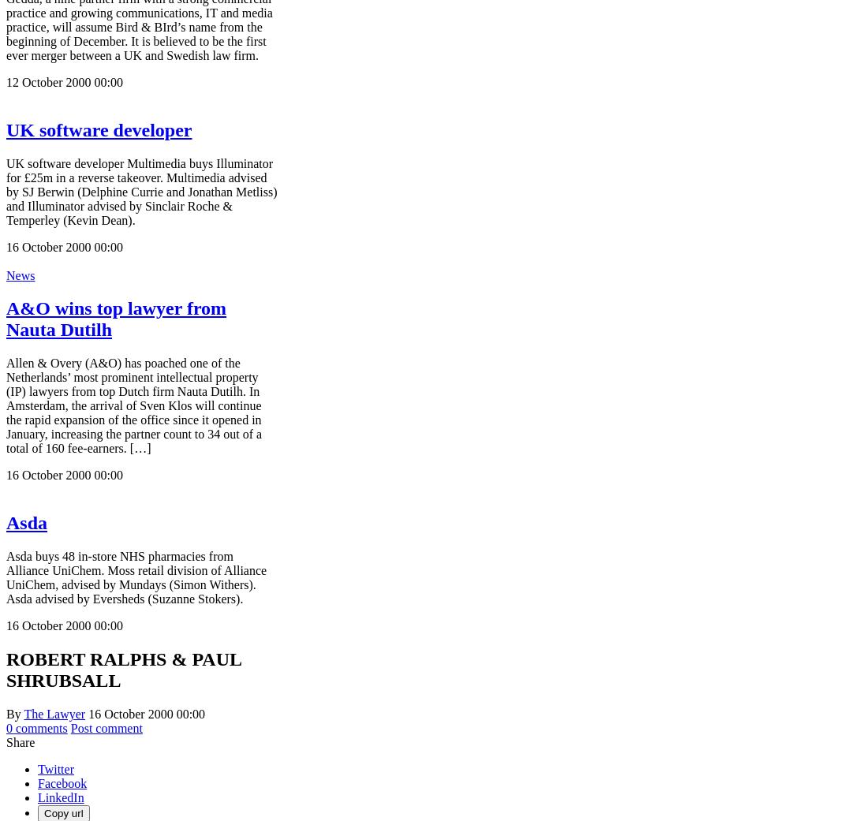 The width and height of the screenshot is (859, 821). What do you see at coordinates (36, 727) in the screenshot?
I see `'0 comments'` at bounding box center [36, 727].